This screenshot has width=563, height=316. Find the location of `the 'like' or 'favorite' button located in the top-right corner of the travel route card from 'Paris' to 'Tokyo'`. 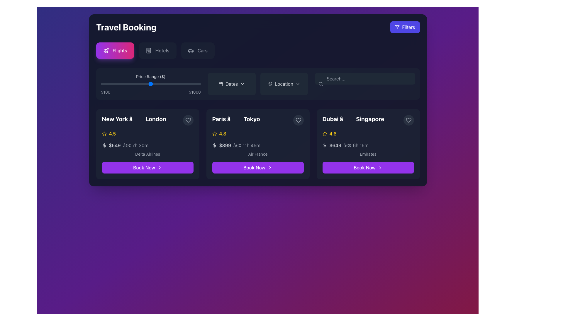

the 'like' or 'favorite' button located in the top-right corner of the travel route card from 'Paris' to 'Tokyo' is located at coordinates (298, 120).